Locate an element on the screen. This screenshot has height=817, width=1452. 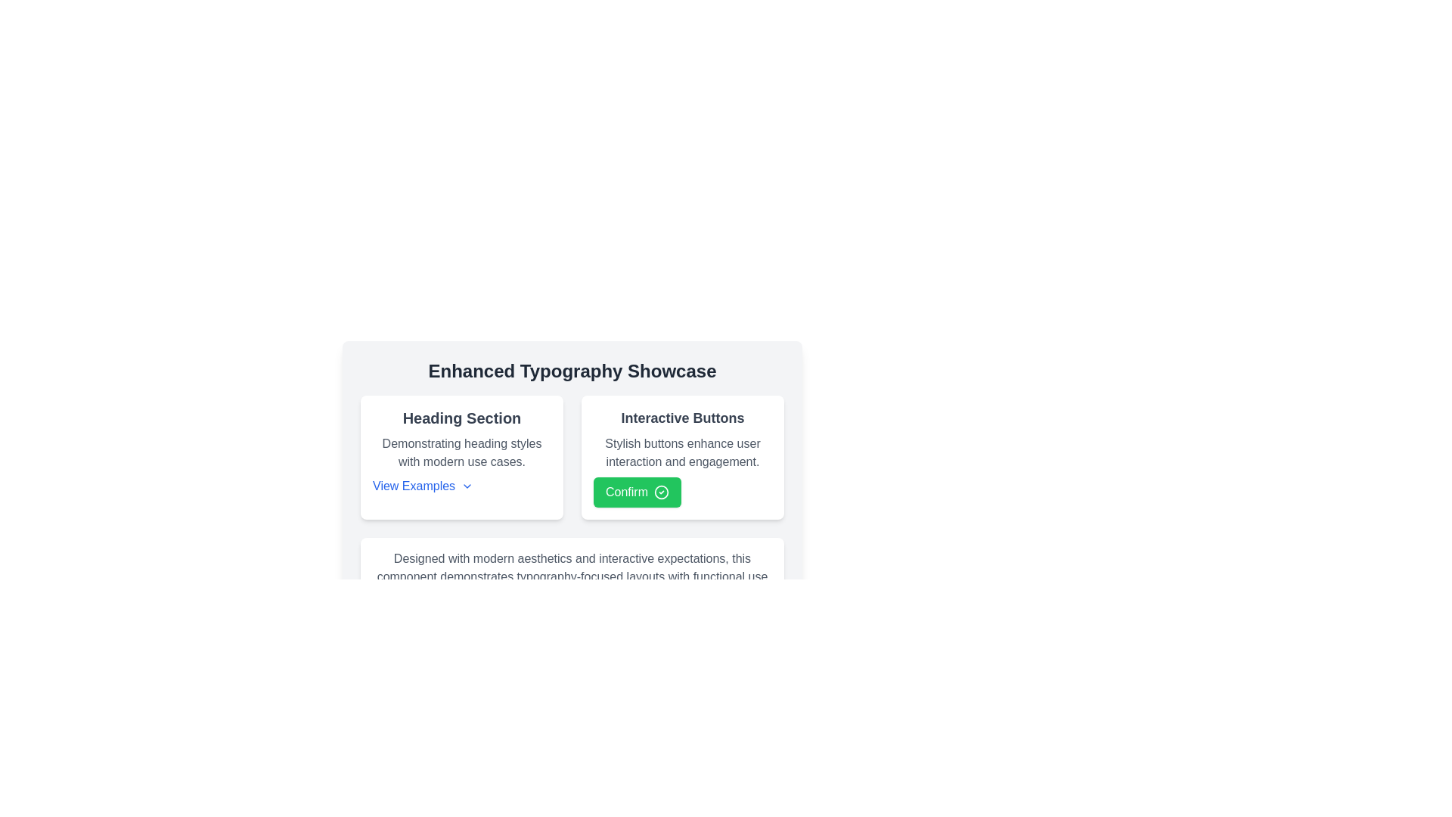
the 'Confirm' button with a green background and a white checkmark icon is located at coordinates (638, 492).